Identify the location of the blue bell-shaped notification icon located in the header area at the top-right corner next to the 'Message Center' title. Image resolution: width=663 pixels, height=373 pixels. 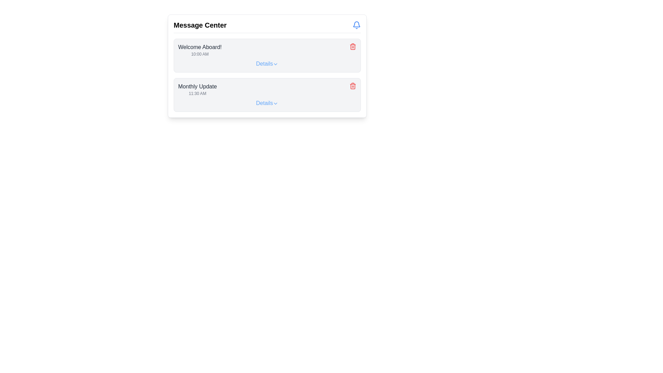
(356, 25).